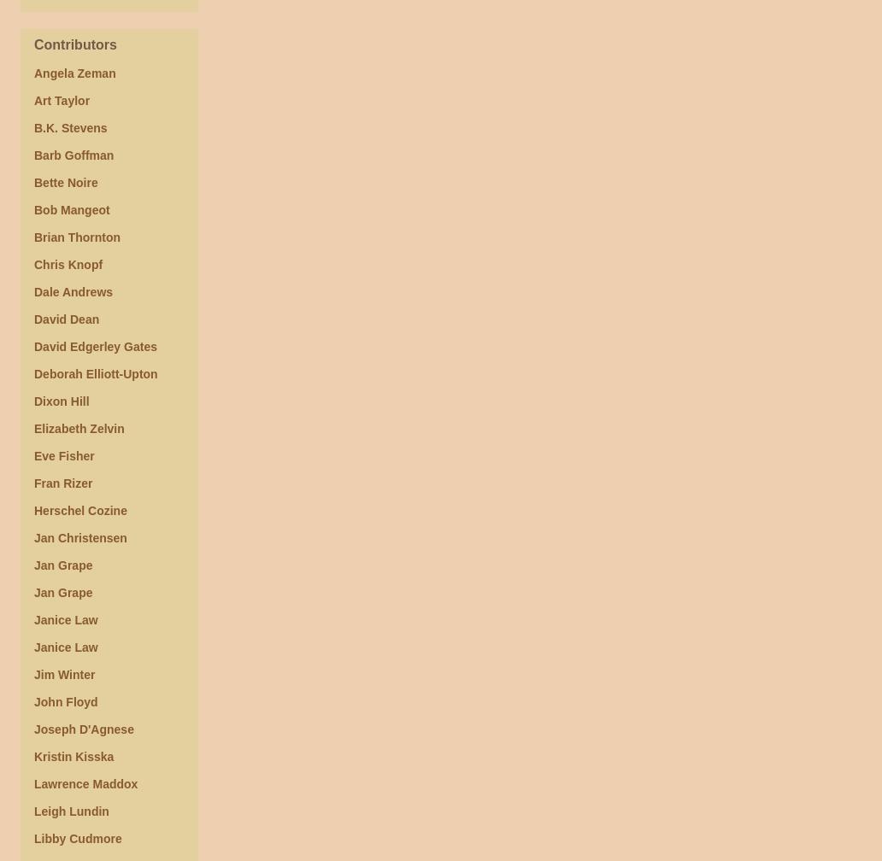  I want to click on 'Bob Mangeot', so click(72, 209).